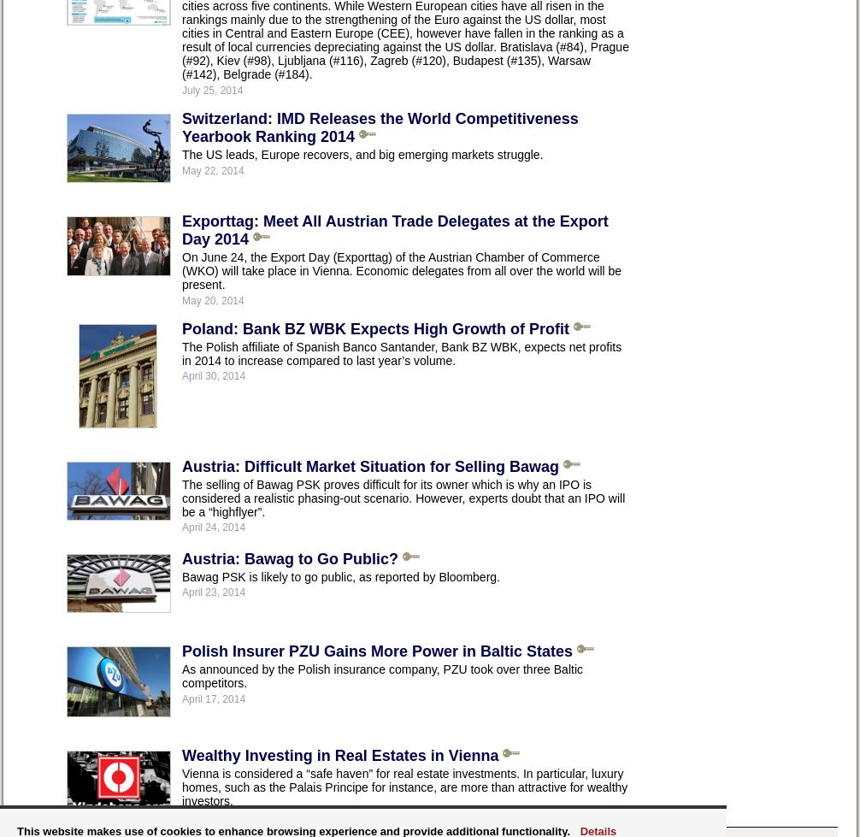  I want to click on 'Austria: Difficult Market Situation for Selling Bawag', so click(369, 465).